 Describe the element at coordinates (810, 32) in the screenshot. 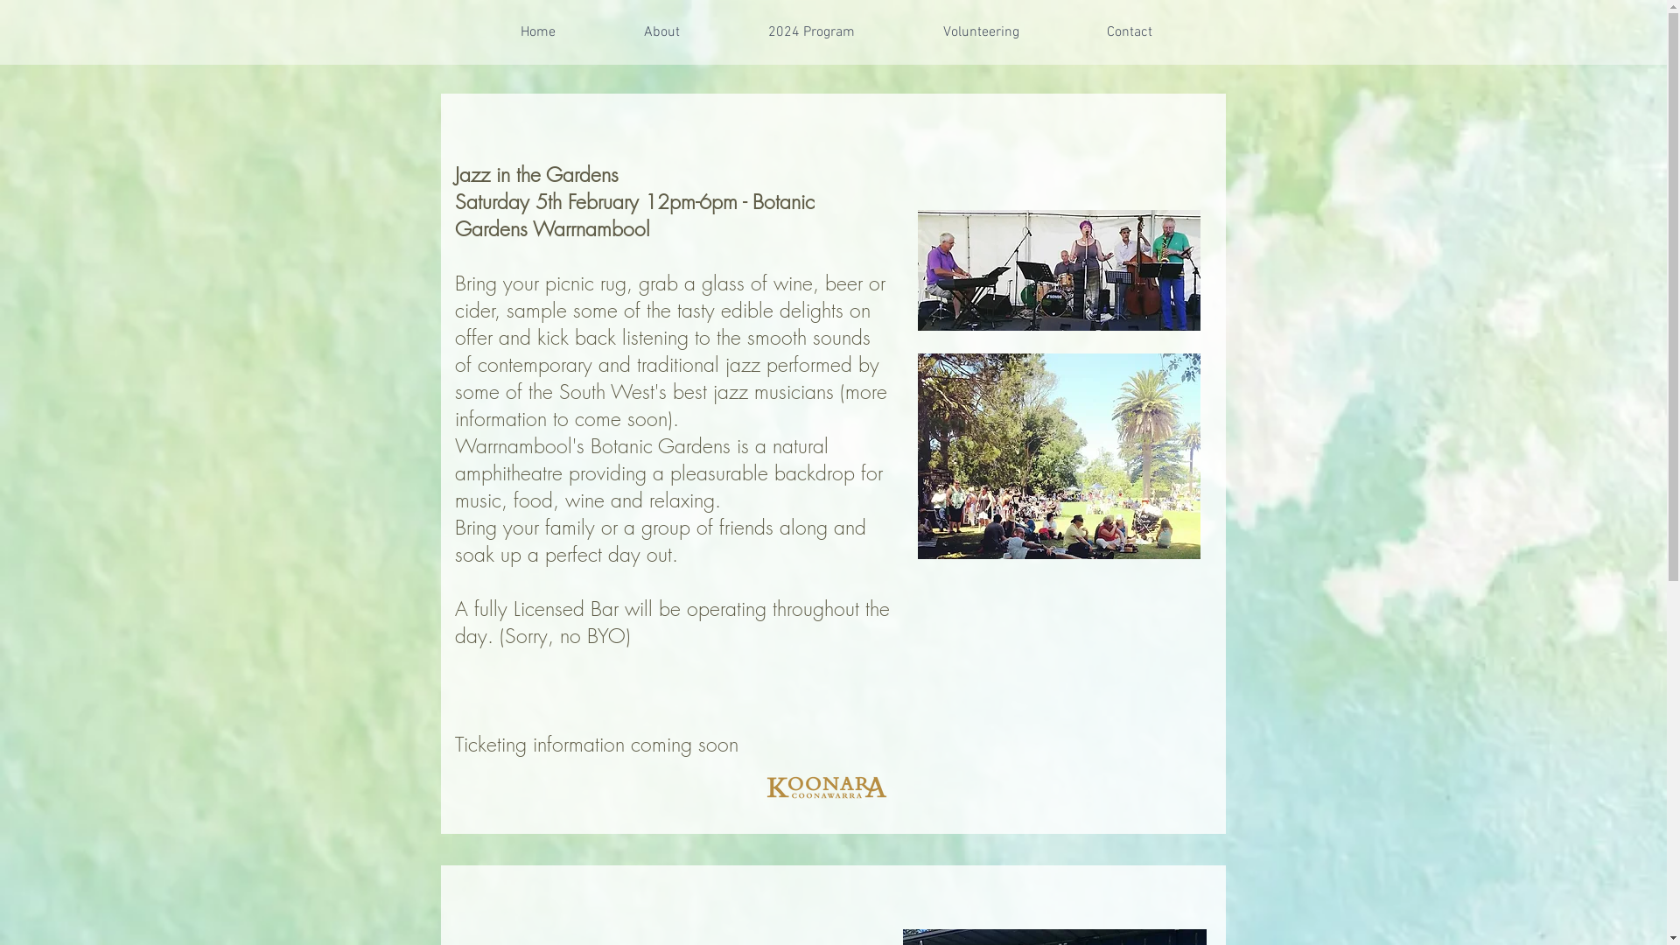

I see `'2024 Program'` at that location.